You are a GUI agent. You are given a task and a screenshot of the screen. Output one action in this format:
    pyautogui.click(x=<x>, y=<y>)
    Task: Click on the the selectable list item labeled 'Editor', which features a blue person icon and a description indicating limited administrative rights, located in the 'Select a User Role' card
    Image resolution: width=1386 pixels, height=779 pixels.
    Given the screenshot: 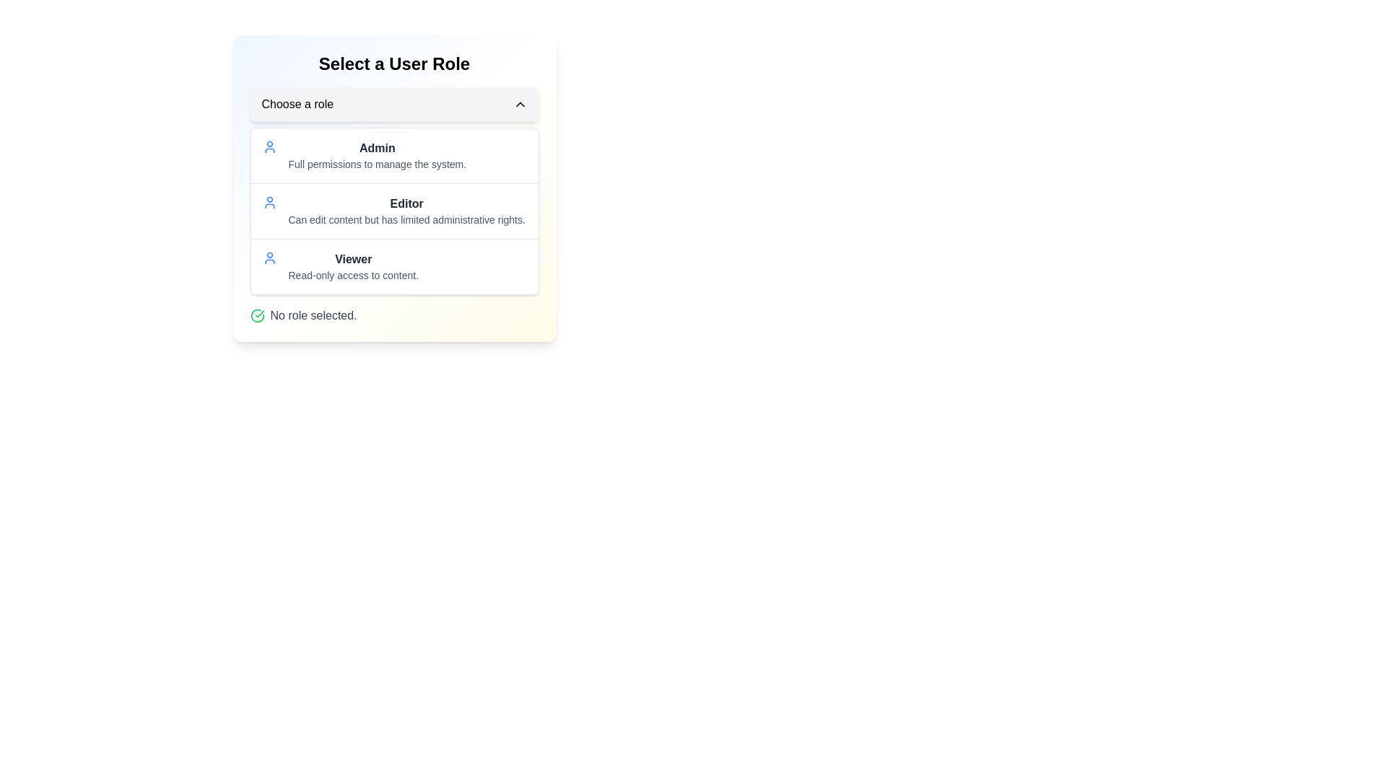 What is the action you would take?
    pyautogui.click(x=394, y=211)
    